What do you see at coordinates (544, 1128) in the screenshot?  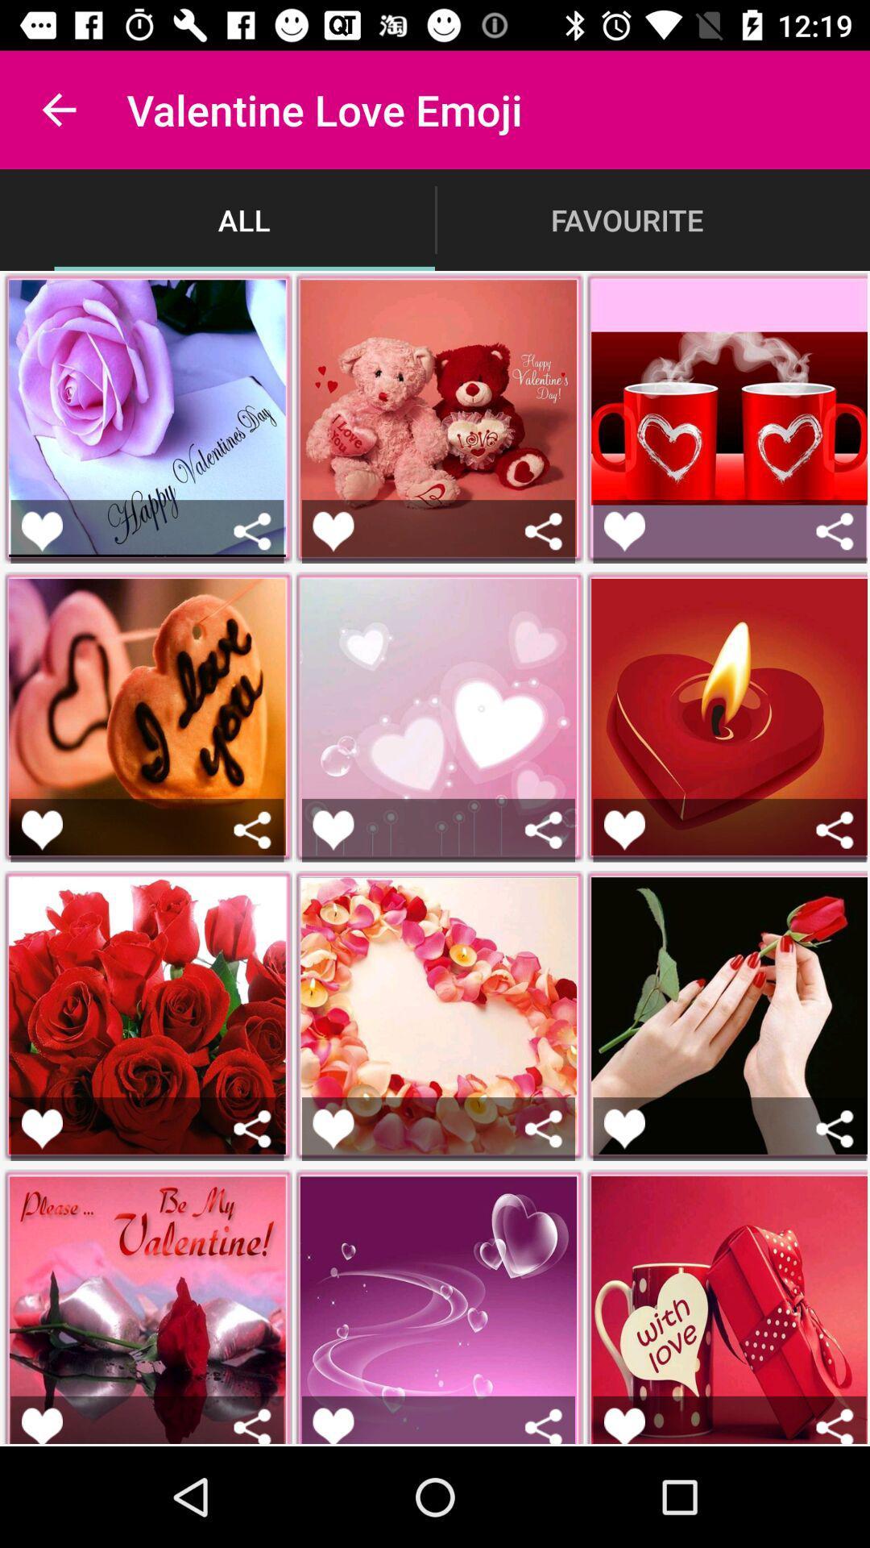 I see `share` at bounding box center [544, 1128].